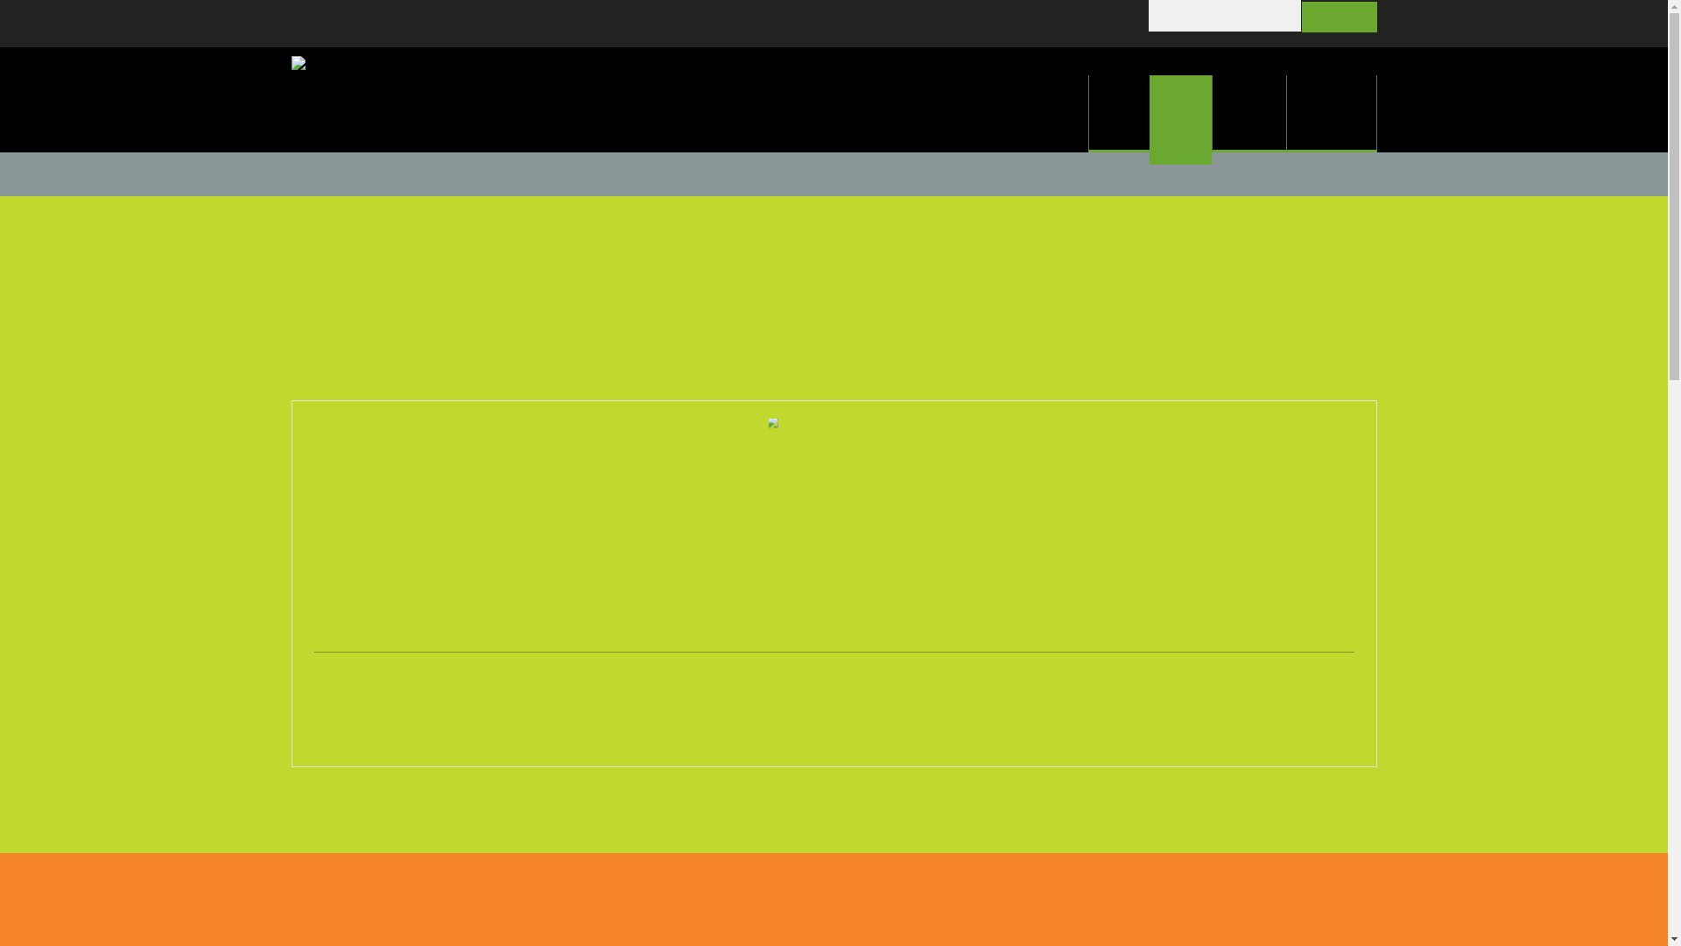  What do you see at coordinates (290, 100) in the screenshot?
I see `'Go to site home page'` at bounding box center [290, 100].